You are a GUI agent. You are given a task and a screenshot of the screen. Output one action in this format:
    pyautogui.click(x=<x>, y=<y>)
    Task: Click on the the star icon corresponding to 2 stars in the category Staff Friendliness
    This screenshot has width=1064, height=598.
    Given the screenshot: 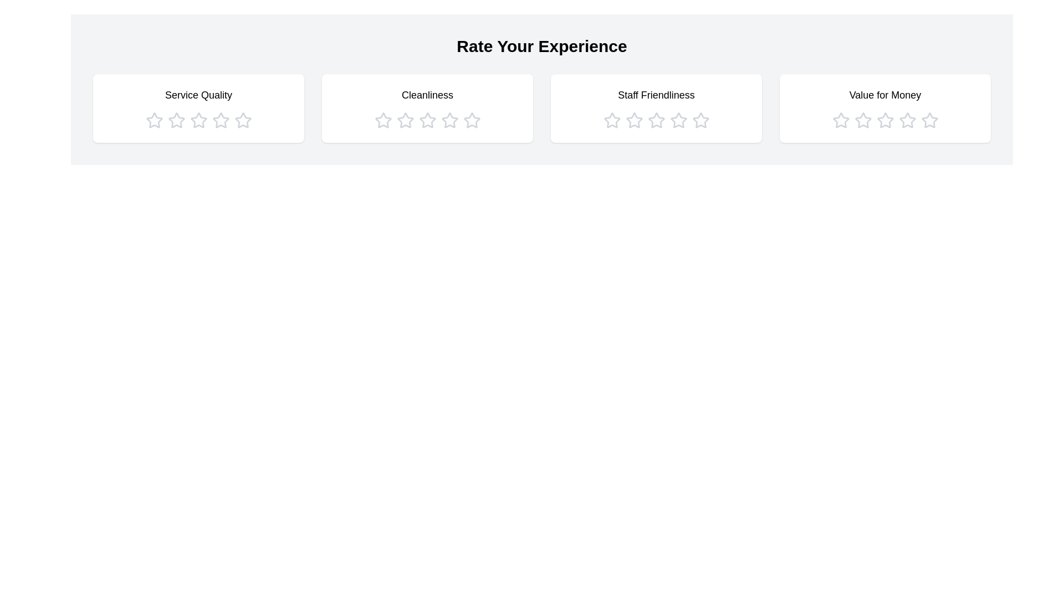 What is the action you would take?
    pyautogui.click(x=634, y=121)
    